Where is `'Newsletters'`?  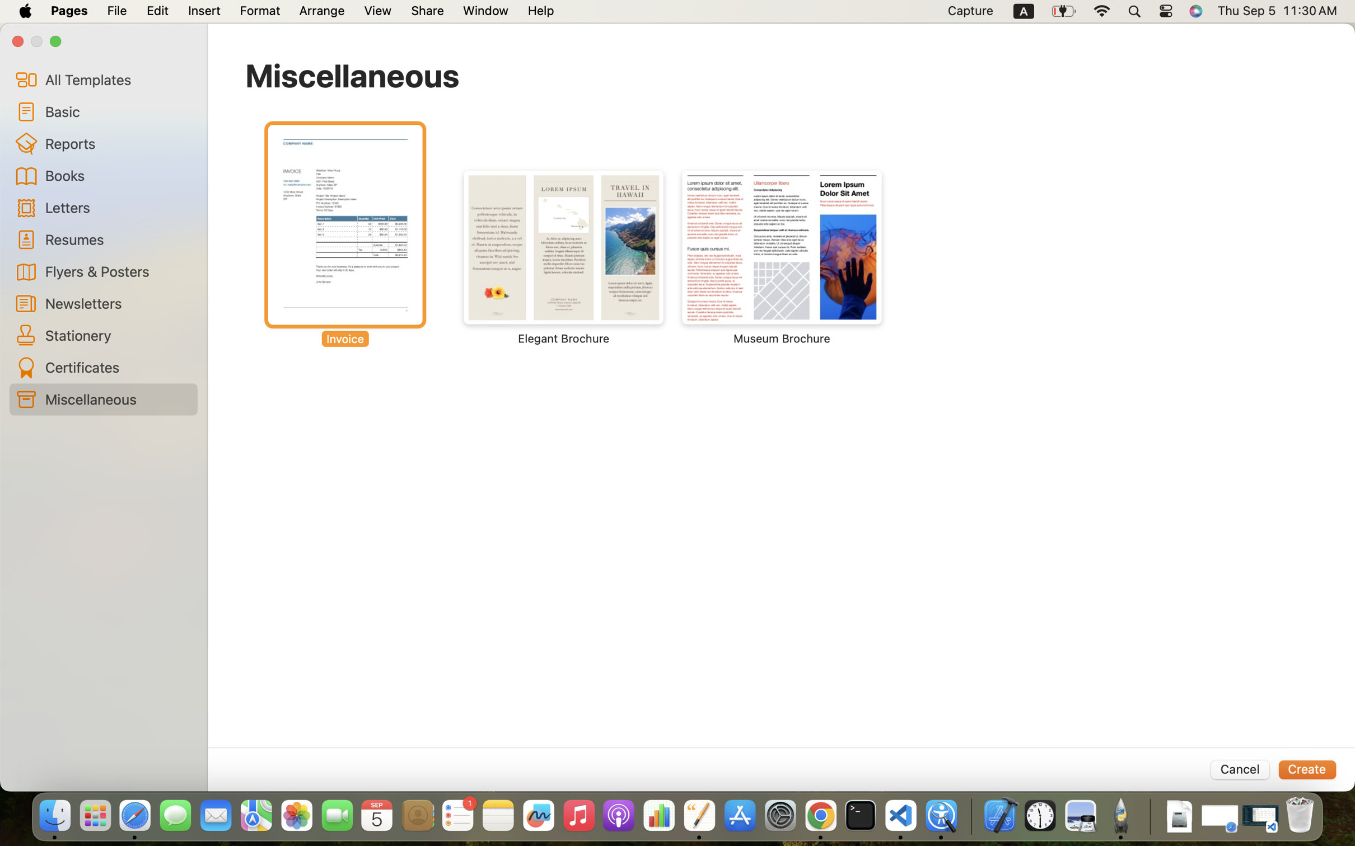 'Newsletters' is located at coordinates (116, 302).